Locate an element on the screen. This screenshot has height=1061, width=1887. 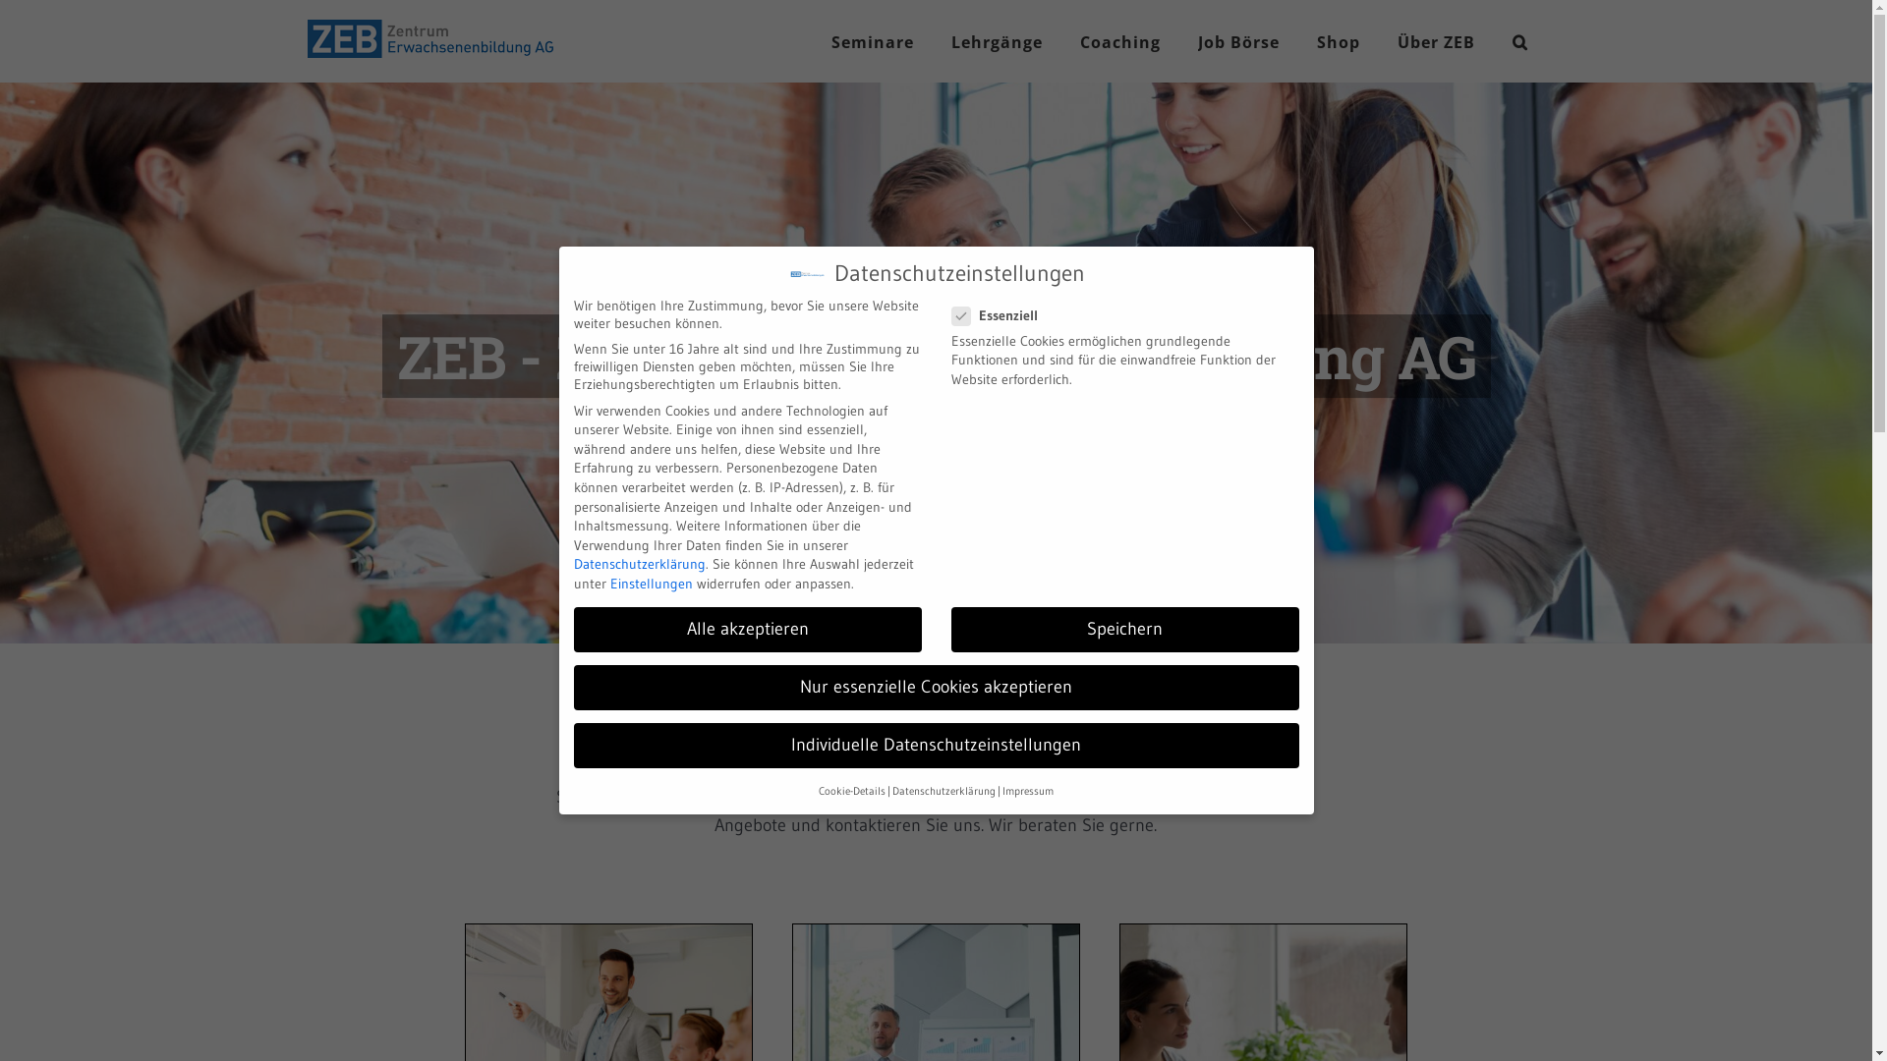
'Shop' is located at coordinates (1338, 41).